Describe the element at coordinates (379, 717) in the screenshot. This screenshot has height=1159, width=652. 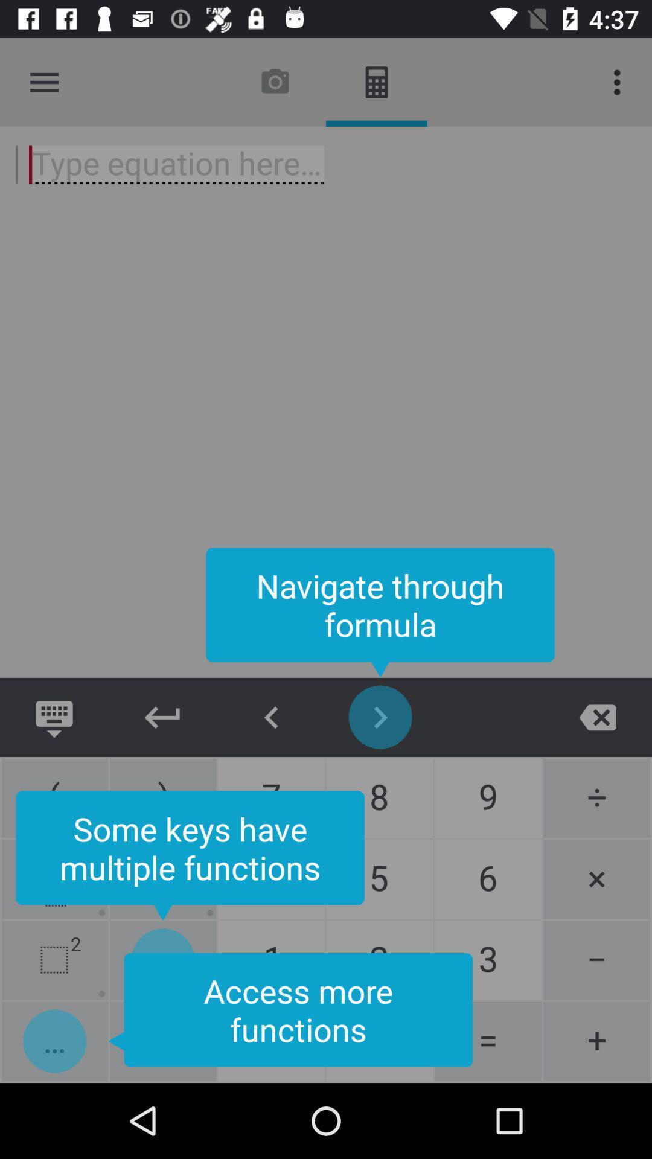
I see `the arrow_forward icon` at that location.